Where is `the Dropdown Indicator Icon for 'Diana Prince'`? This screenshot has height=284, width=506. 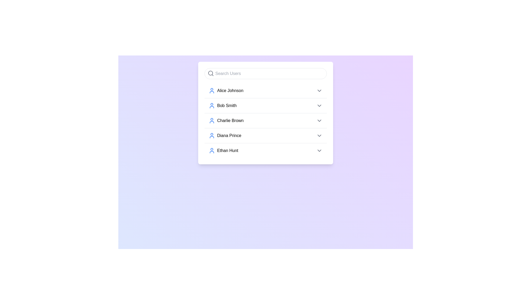 the Dropdown Indicator Icon for 'Diana Prince' is located at coordinates (319, 135).